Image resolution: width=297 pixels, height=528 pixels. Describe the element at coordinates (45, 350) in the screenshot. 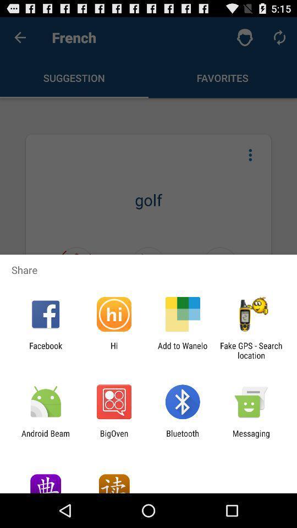

I see `facebook app` at that location.